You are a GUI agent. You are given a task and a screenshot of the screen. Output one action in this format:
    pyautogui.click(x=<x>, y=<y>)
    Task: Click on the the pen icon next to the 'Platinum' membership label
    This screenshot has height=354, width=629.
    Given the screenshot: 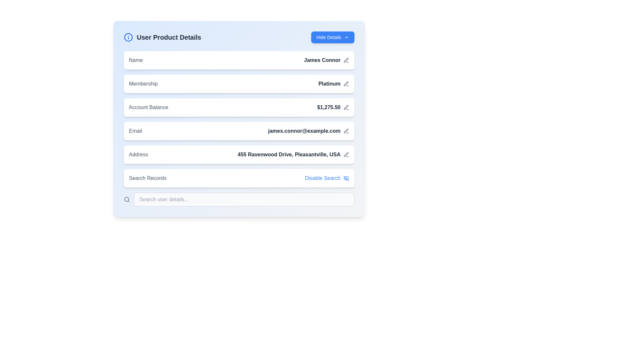 What is the action you would take?
    pyautogui.click(x=334, y=83)
    